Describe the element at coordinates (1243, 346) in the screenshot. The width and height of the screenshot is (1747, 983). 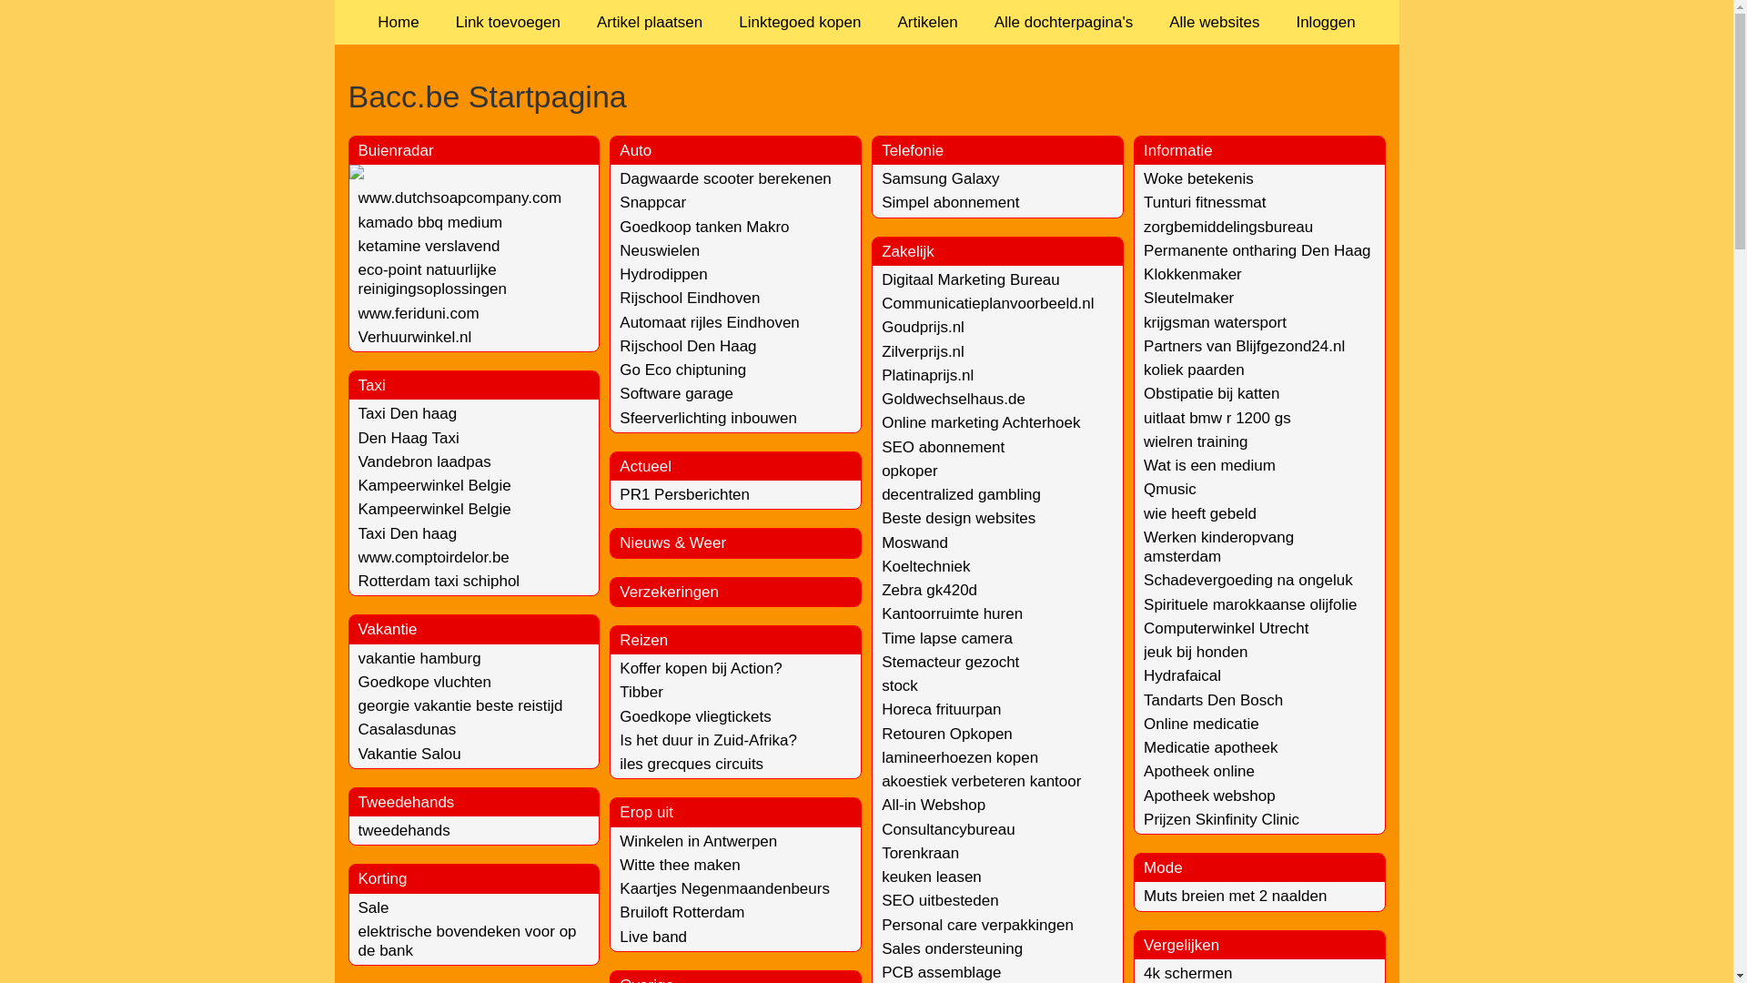
I see `'Partners van Blijfgezond24.nl'` at that location.